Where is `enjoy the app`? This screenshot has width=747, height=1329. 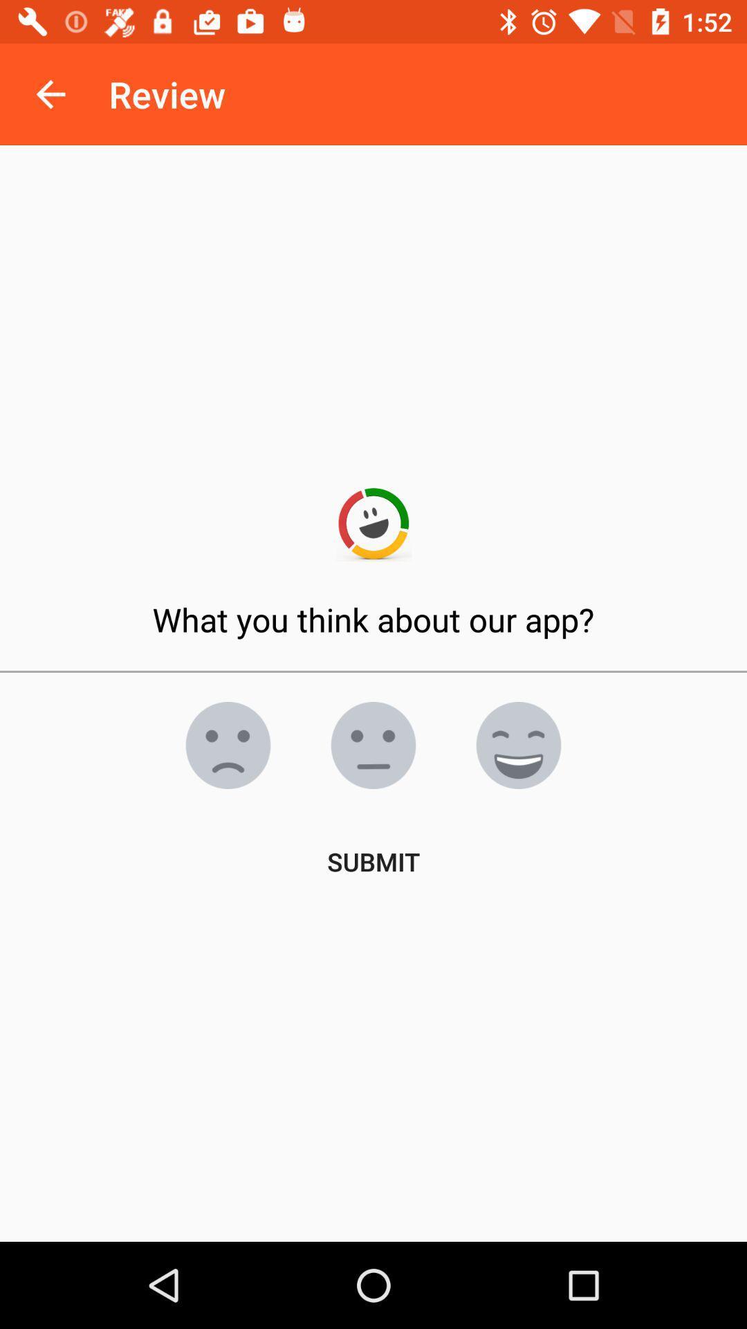 enjoy the app is located at coordinates (518, 744).